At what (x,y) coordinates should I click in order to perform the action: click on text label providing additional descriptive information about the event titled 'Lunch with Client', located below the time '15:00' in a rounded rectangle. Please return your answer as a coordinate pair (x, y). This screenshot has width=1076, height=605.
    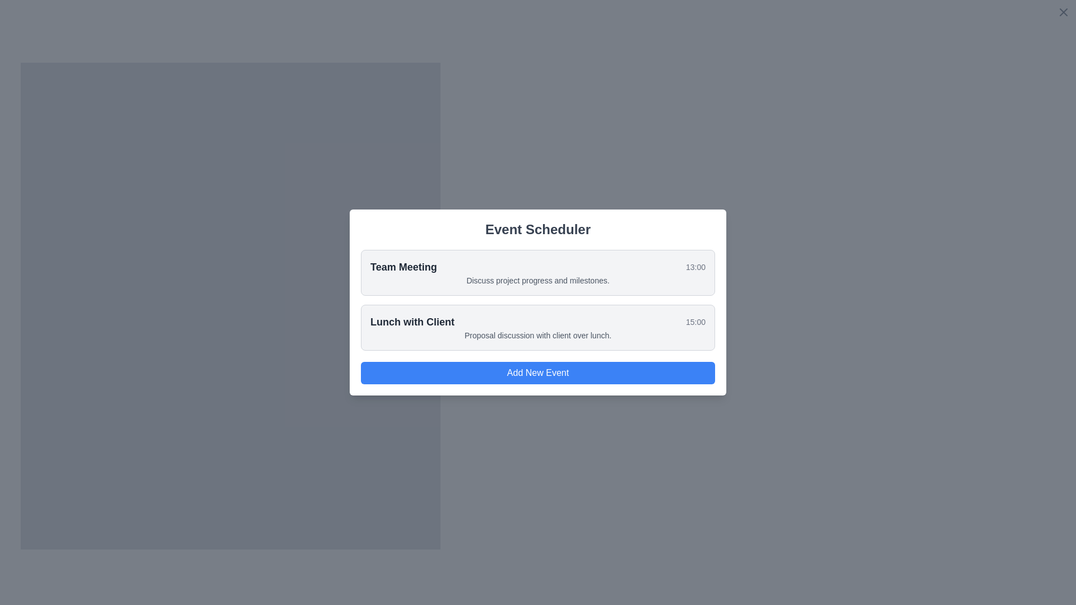
    Looking at the image, I should click on (538, 334).